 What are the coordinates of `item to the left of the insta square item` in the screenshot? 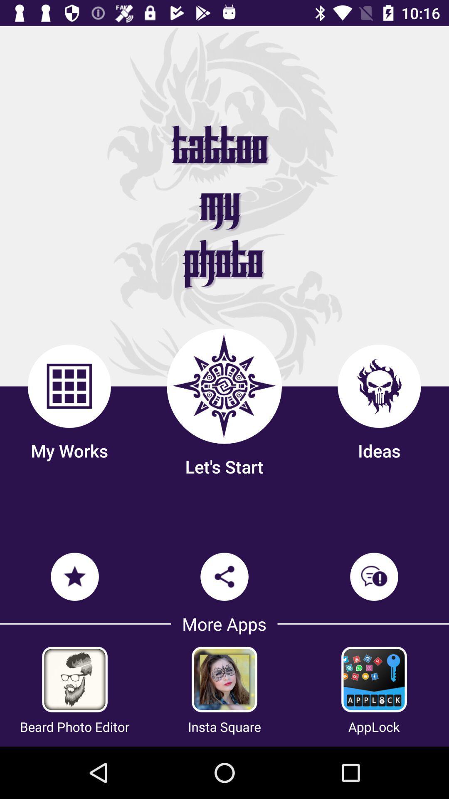 It's located at (74, 726).